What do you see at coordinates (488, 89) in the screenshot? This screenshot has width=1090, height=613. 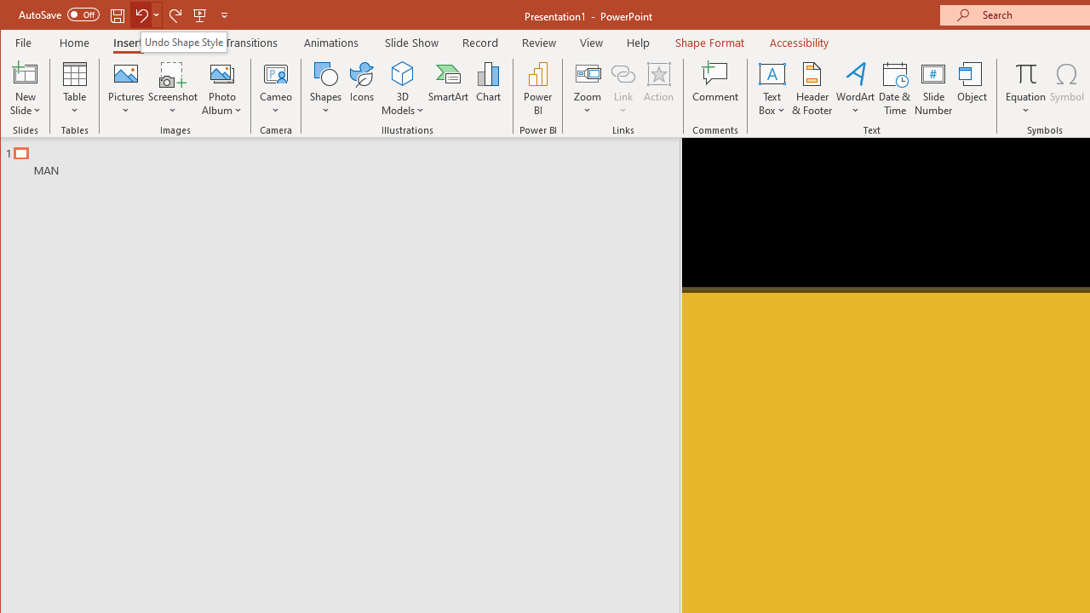 I see `'Chart...'` at bounding box center [488, 89].